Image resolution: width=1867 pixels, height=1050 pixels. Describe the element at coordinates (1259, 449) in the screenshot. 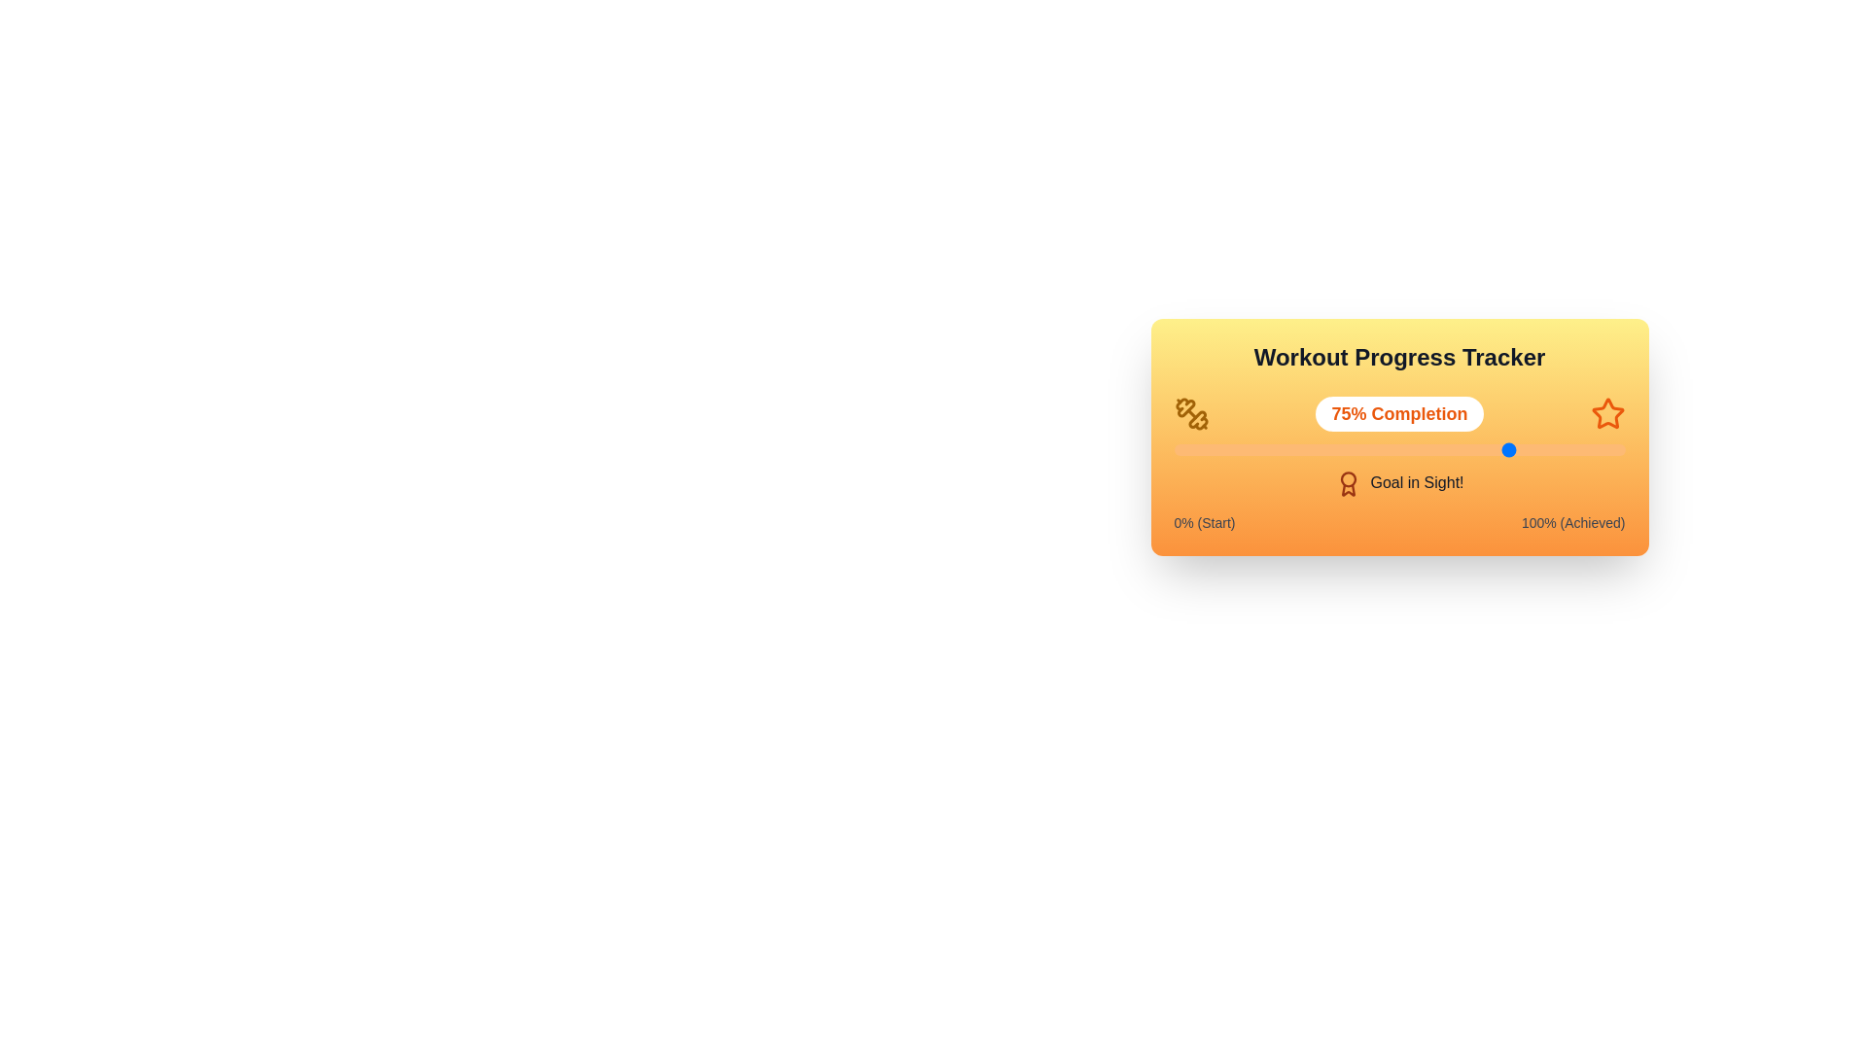

I see `the progress slider to 19%` at that location.